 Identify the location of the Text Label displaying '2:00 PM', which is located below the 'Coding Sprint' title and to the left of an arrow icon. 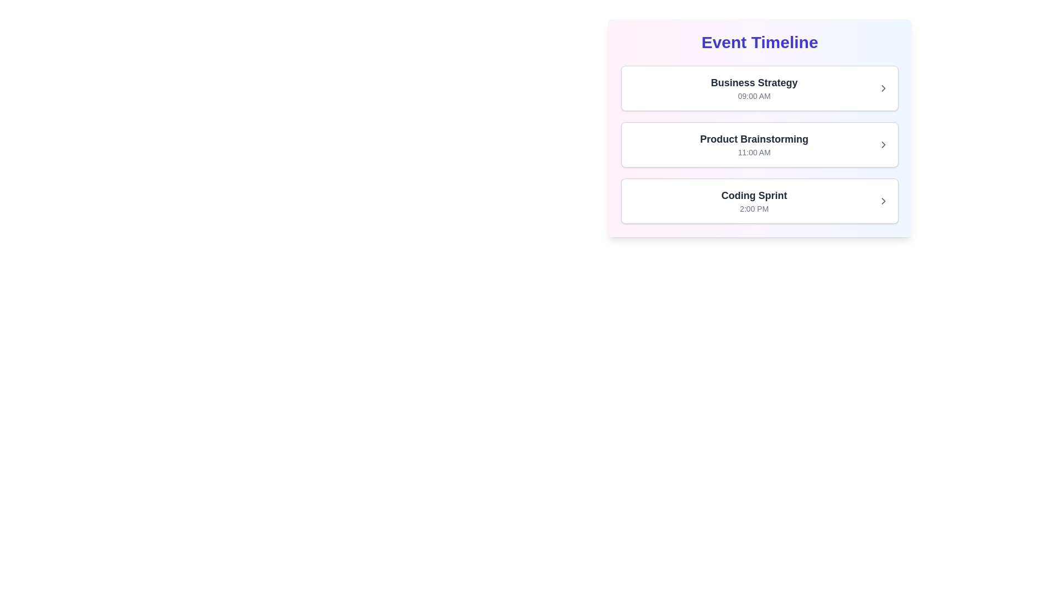
(753, 209).